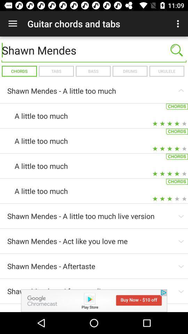 The height and width of the screenshot is (334, 188). Describe the element at coordinates (177, 50) in the screenshot. I see `the search icon` at that location.